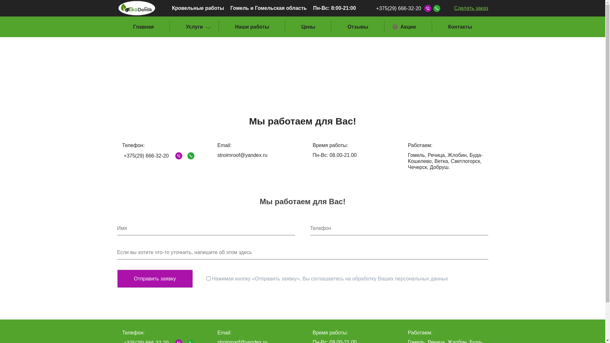 This screenshot has width=610, height=343. What do you see at coordinates (217, 155) in the screenshot?
I see `'stroimroof@yandex.ru'` at bounding box center [217, 155].